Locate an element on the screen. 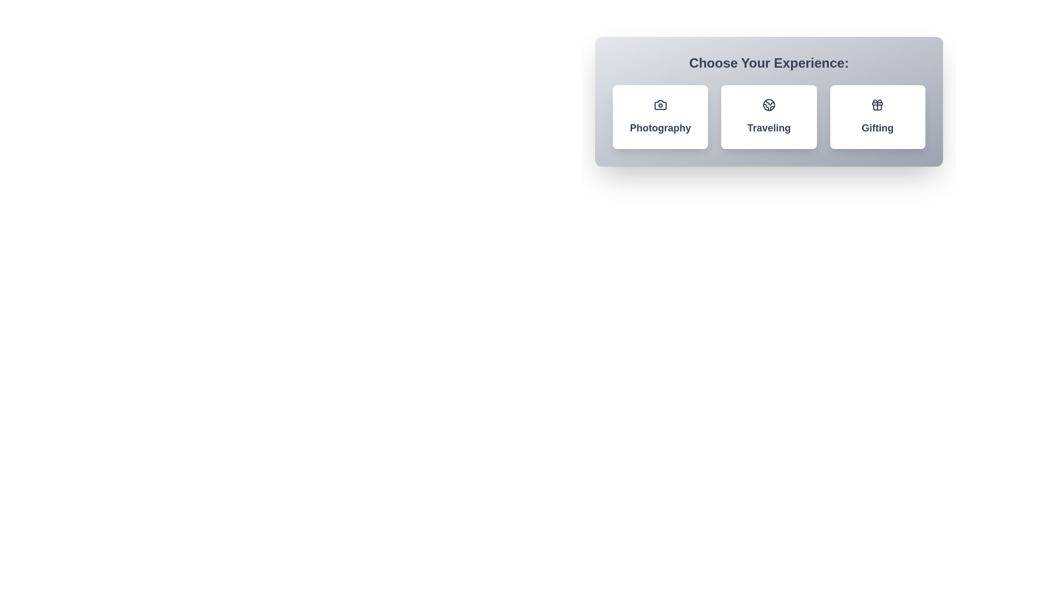 Image resolution: width=1057 pixels, height=594 pixels. the chip labeled Photography is located at coordinates (660, 117).